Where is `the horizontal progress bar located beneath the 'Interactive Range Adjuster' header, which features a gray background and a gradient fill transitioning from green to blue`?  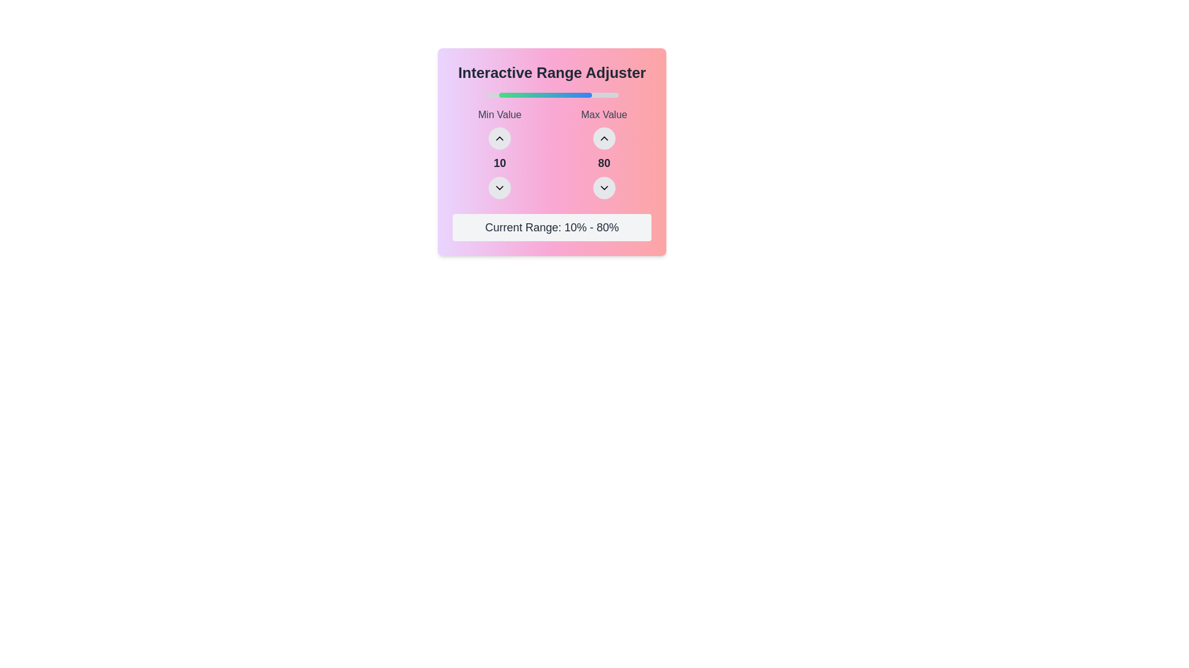
the horizontal progress bar located beneath the 'Interactive Range Adjuster' header, which features a gray background and a gradient fill transitioning from green to blue is located at coordinates (551, 95).